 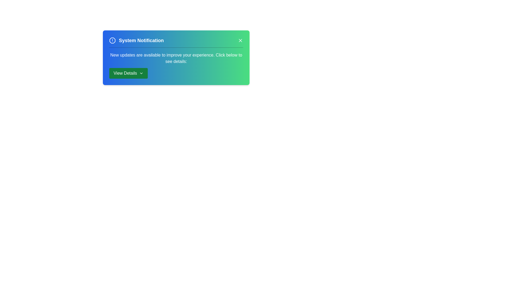 I want to click on 'View Details' button to toggle the visibility of details, so click(x=128, y=73).